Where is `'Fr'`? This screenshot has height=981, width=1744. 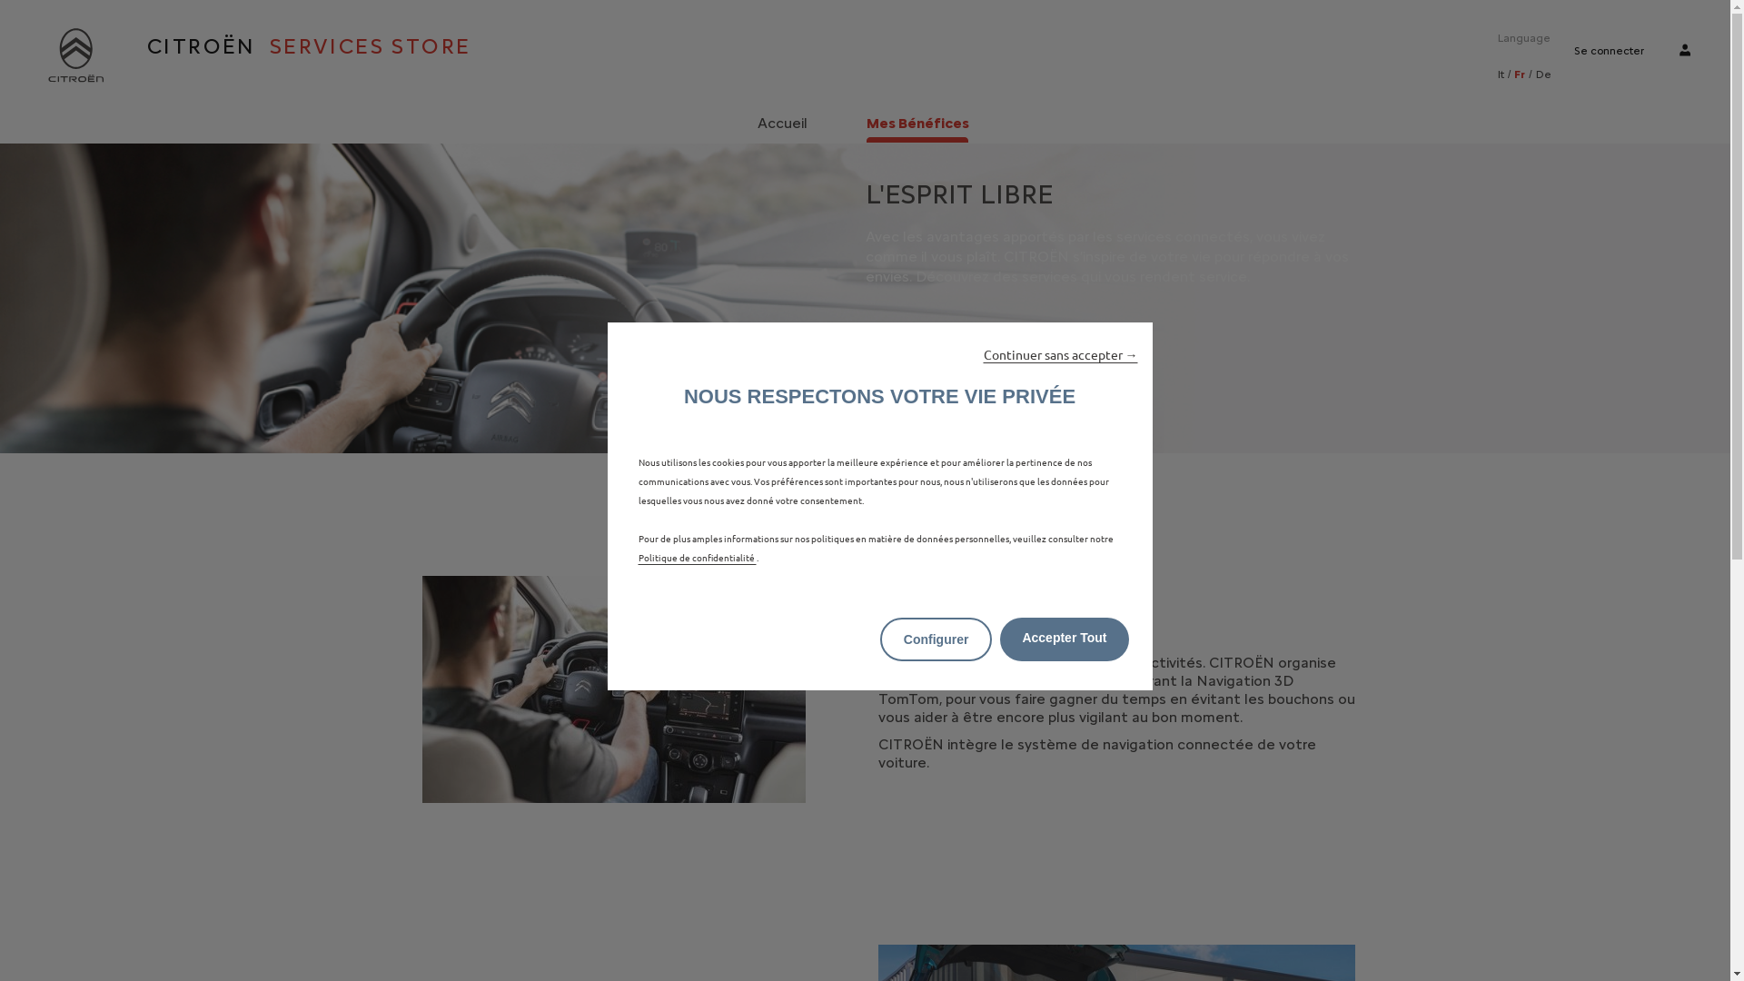 'Fr' is located at coordinates (1513, 73).